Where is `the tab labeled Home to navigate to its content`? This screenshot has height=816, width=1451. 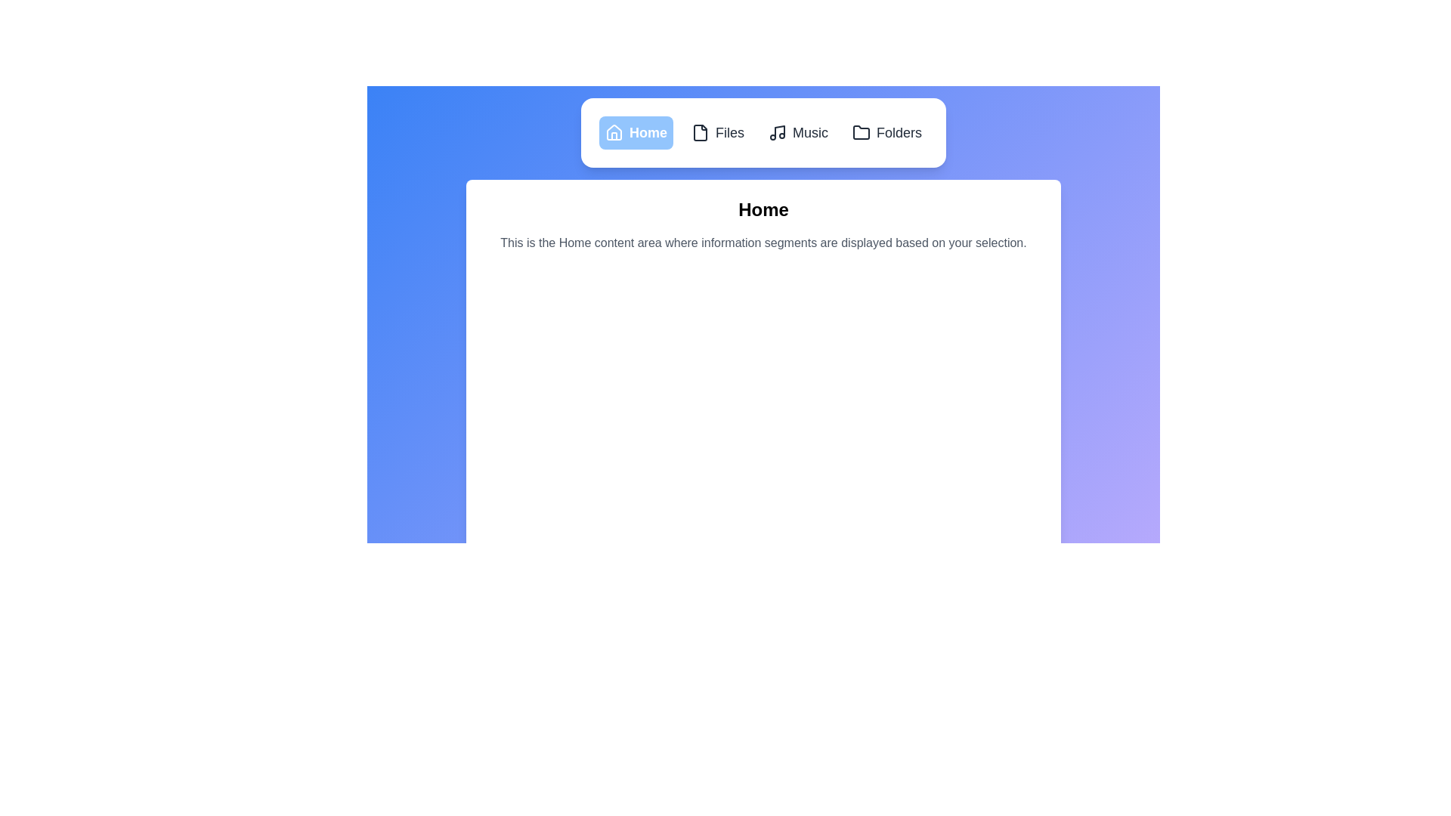 the tab labeled Home to navigate to its content is located at coordinates (636, 132).